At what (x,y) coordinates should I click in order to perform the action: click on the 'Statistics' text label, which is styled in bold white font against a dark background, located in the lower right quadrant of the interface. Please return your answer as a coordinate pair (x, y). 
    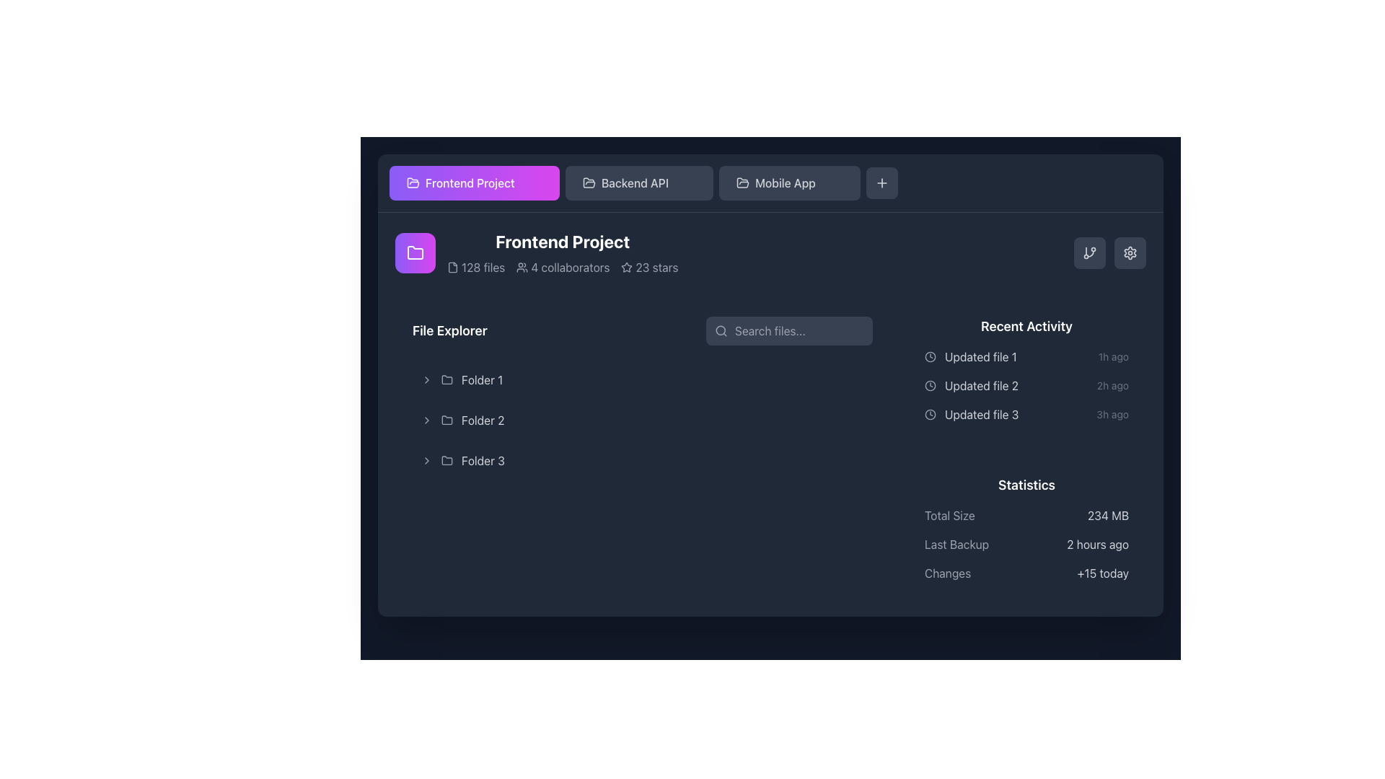
    Looking at the image, I should click on (1026, 485).